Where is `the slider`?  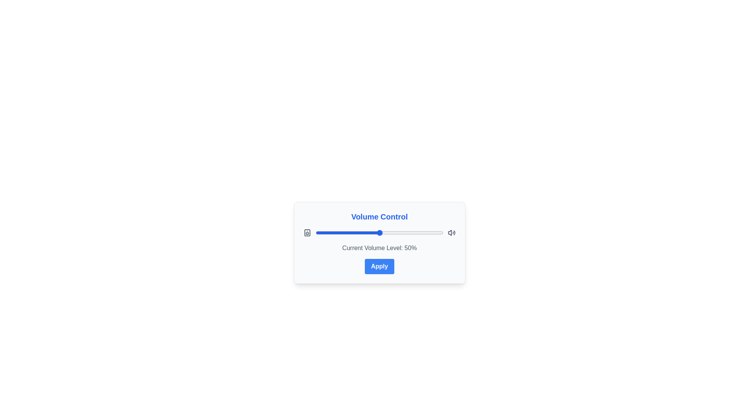 the slider is located at coordinates (381, 233).